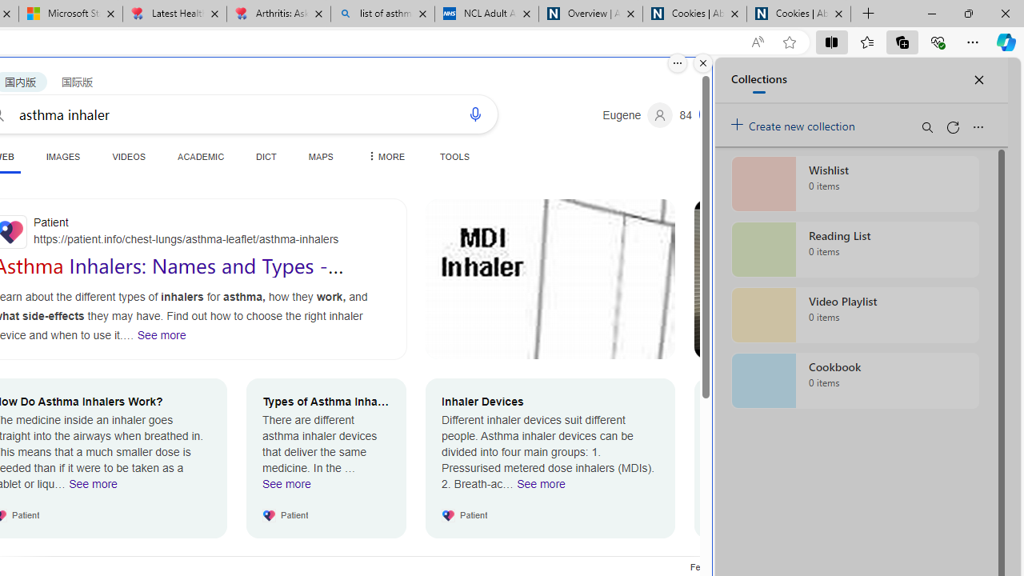 The height and width of the screenshot is (576, 1024). I want to click on 'AutomationID: serp_medal_svg', so click(710, 113).